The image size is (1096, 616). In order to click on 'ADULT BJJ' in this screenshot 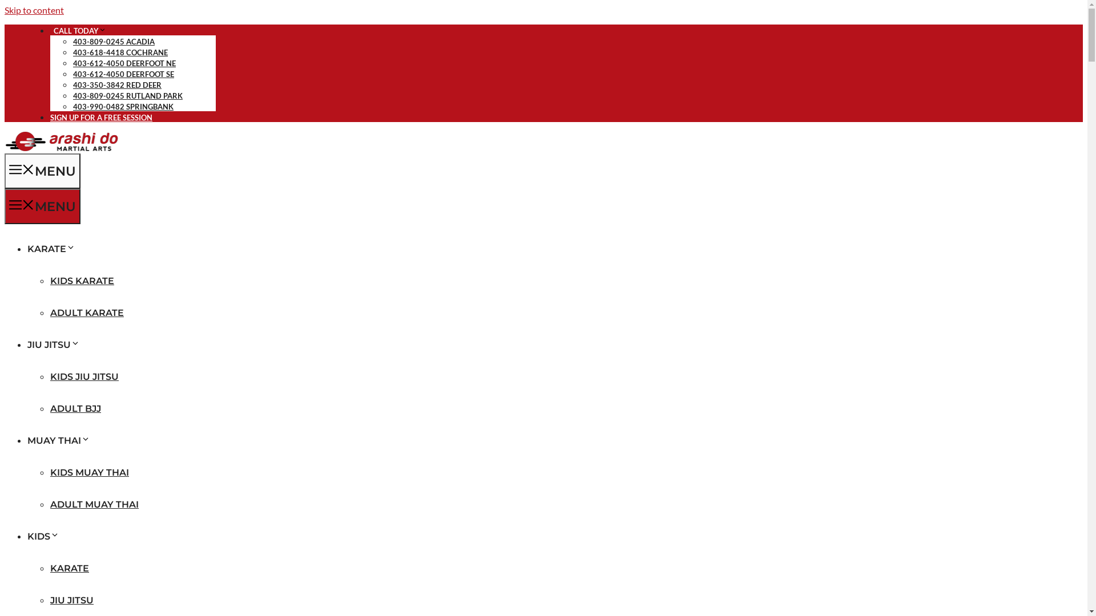, I will do `click(75, 408)`.